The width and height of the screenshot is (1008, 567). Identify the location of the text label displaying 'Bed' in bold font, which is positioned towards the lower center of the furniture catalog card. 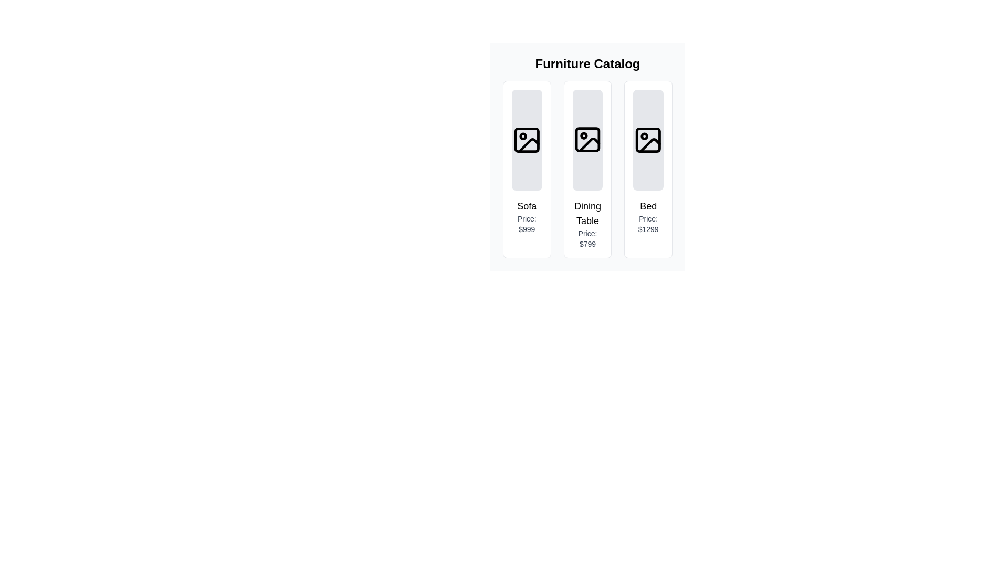
(648, 206).